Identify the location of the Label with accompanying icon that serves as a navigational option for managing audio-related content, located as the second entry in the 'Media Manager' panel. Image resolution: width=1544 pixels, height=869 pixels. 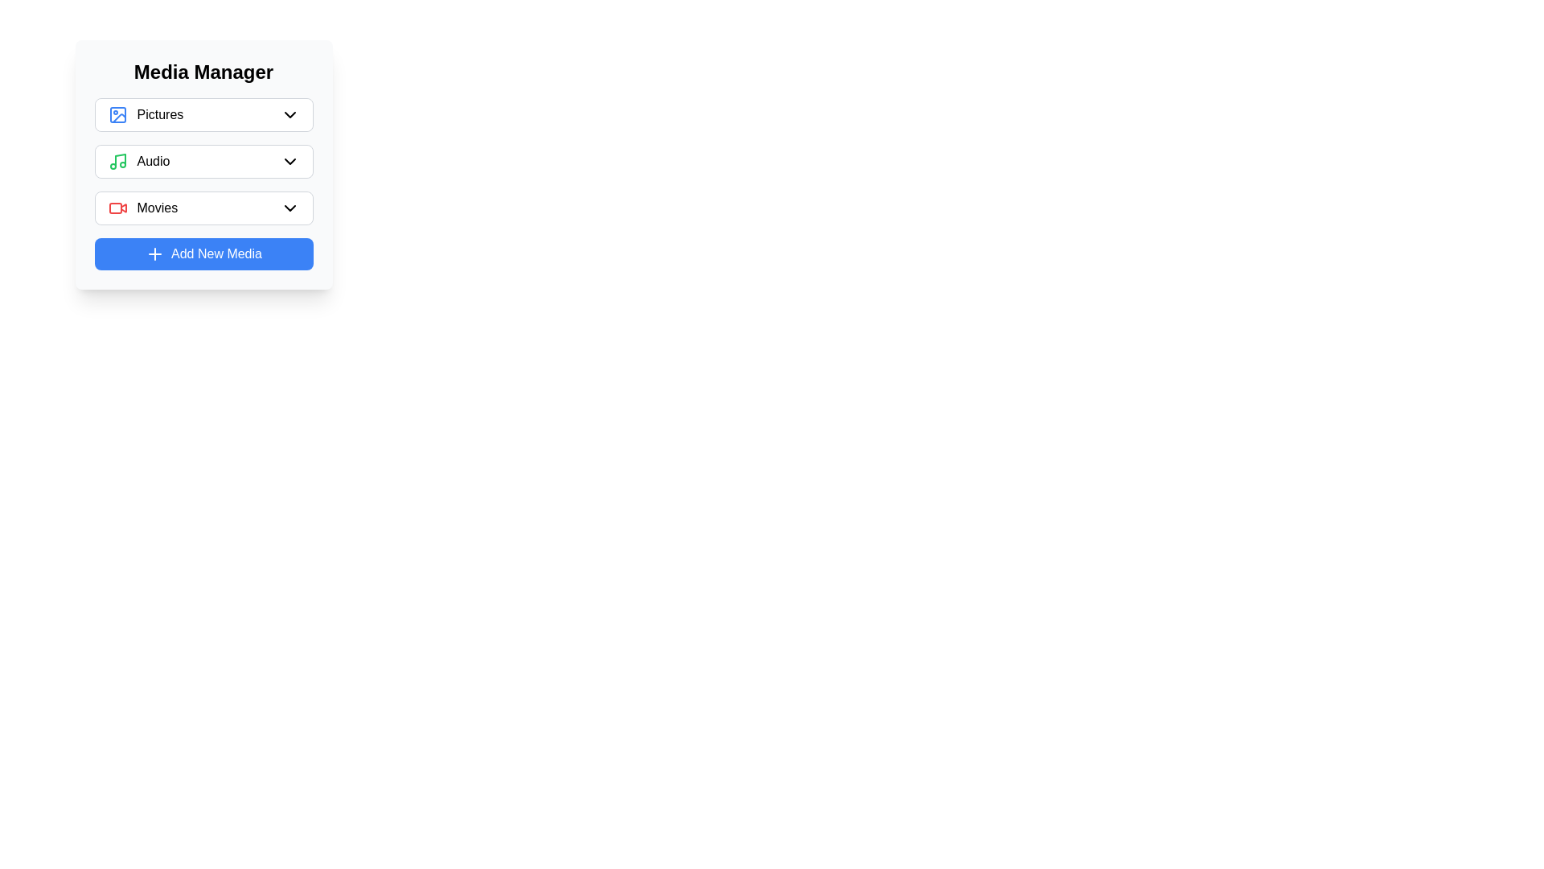
(138, 161).